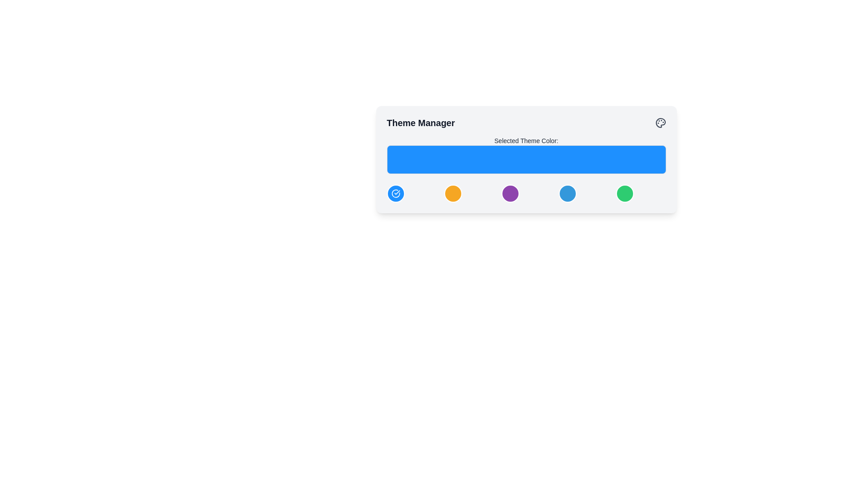 Image resolution: width=859 pixels, height=483 pixels. Describe the element at coordinates (567, 193) in the screenshot. I see `the circular blue button with a white border in the lower section of the 'Theme Manager' dialog box` at that location.